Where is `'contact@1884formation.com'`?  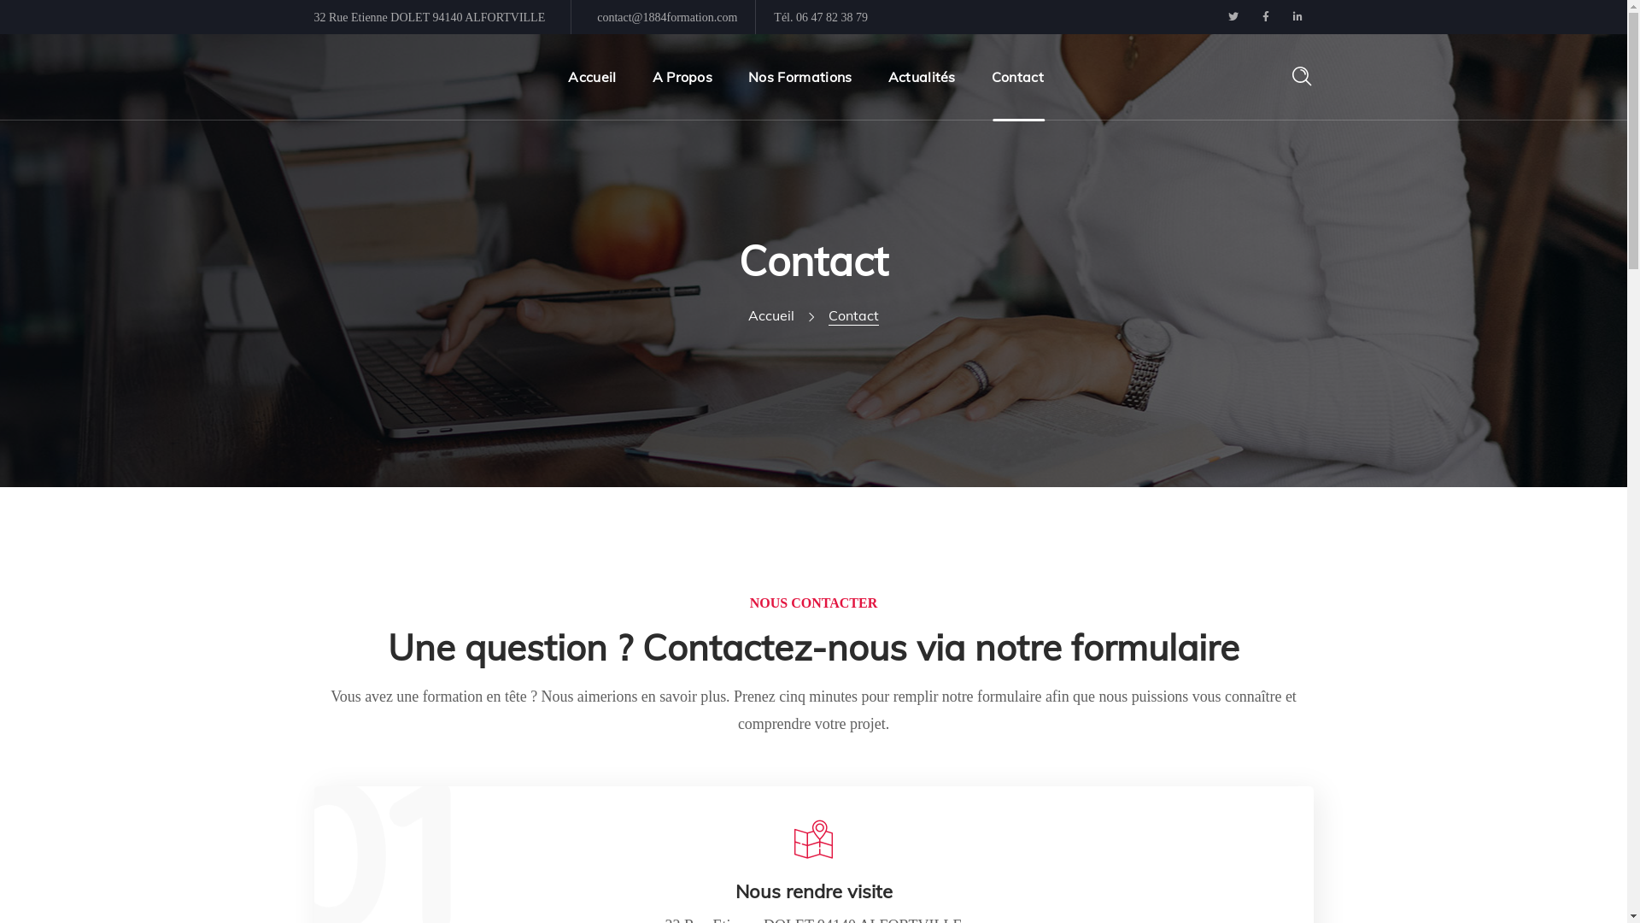
'contact@1884formation.com' is located at coordinates (666, 17).